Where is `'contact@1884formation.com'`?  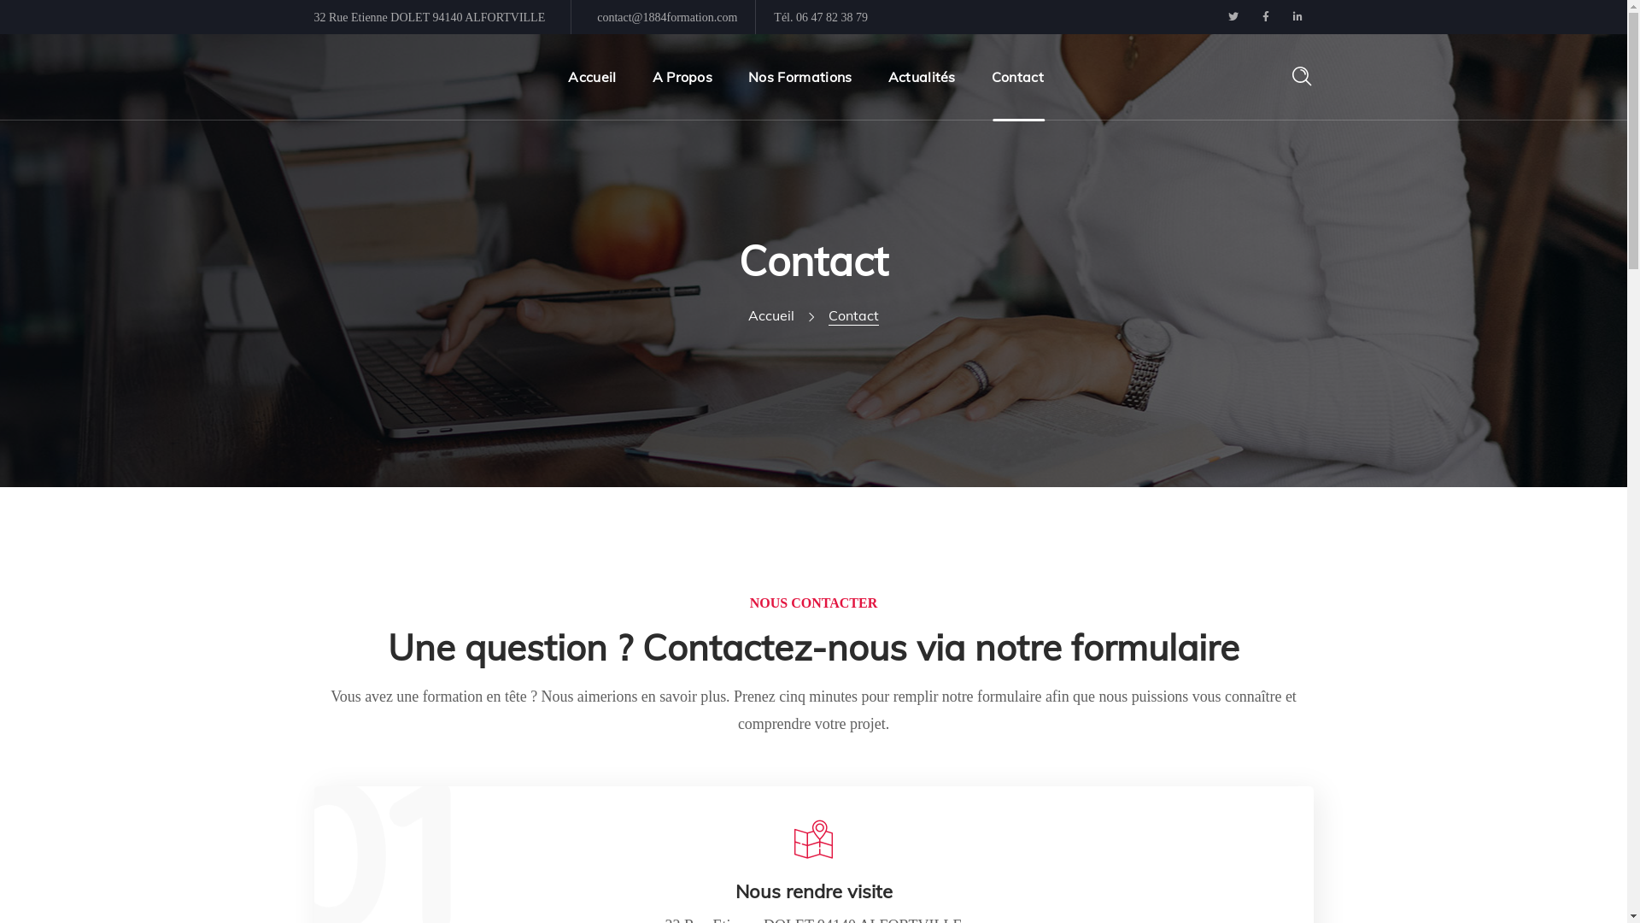
'contact@1884formation.com' is located at coordinates (666, 17).